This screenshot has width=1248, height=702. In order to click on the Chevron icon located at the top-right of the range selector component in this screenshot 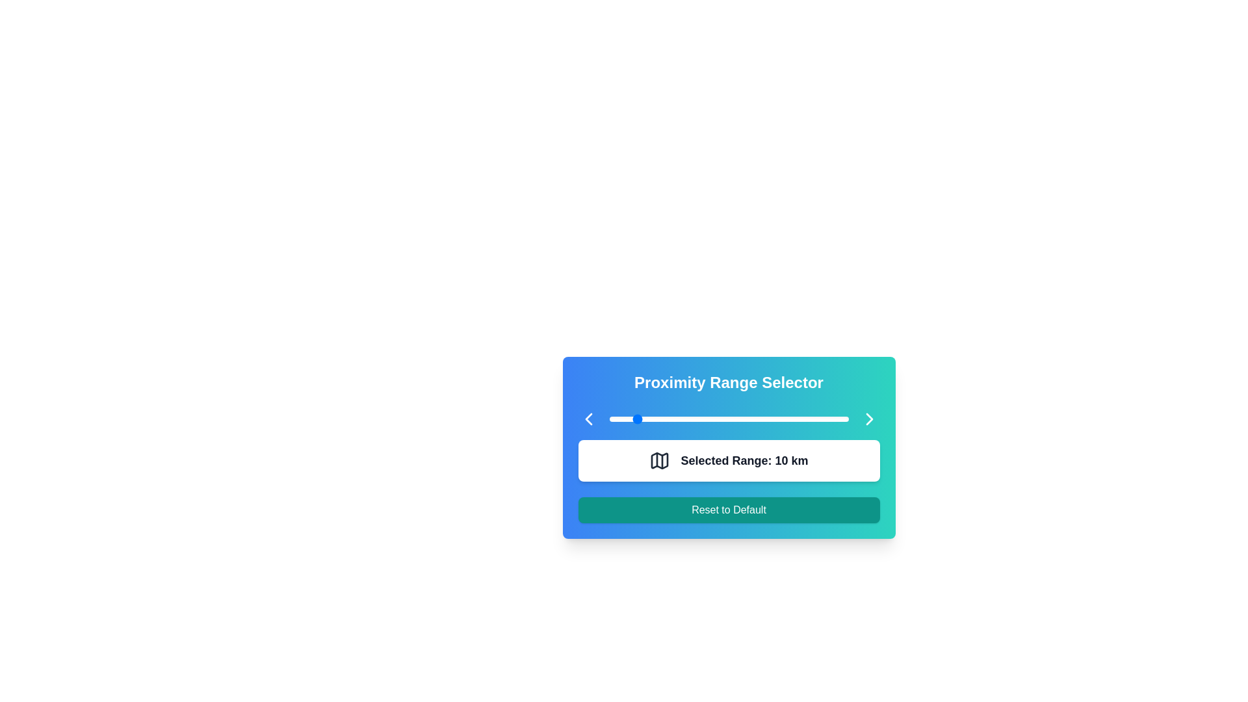, I will do `click(869, 419)`.